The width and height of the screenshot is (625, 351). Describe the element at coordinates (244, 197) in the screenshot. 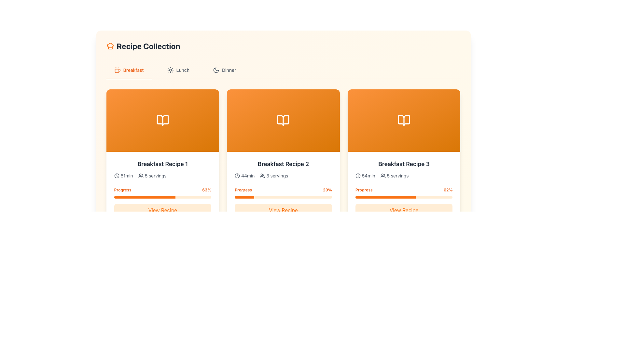

I see `the progress visually on the progress bar located in the 'Breakfast Recipe 2' card, which indicates the progress percentage for the associated recipe` at that location.